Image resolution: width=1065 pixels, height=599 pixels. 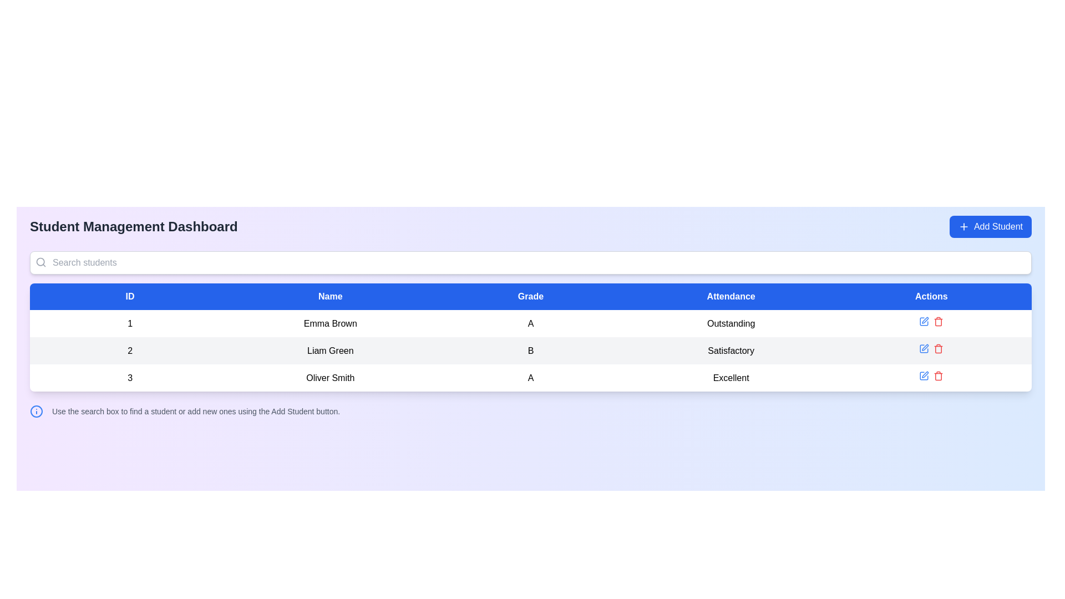 I want to click on the information icon located at the bottom-left of the main page content, adjacent to the descriptive text providing guidance, so click(x=37, y=411).